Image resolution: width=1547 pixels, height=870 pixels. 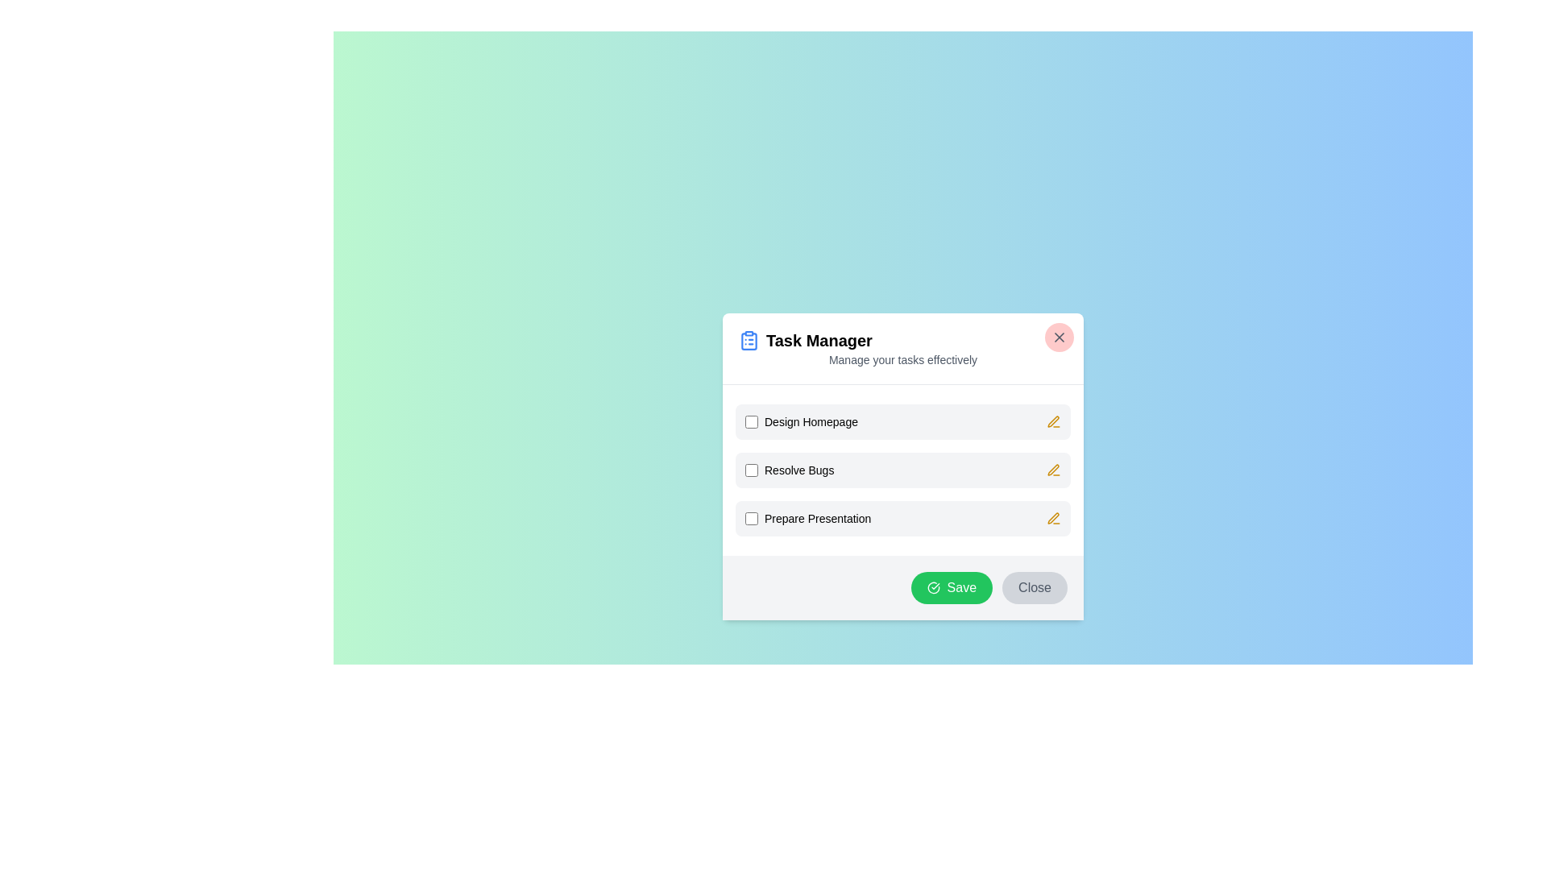 I want to click on the text label associated with the first task in the list, which is 'Design Homepage', so click(x=801, y=420).